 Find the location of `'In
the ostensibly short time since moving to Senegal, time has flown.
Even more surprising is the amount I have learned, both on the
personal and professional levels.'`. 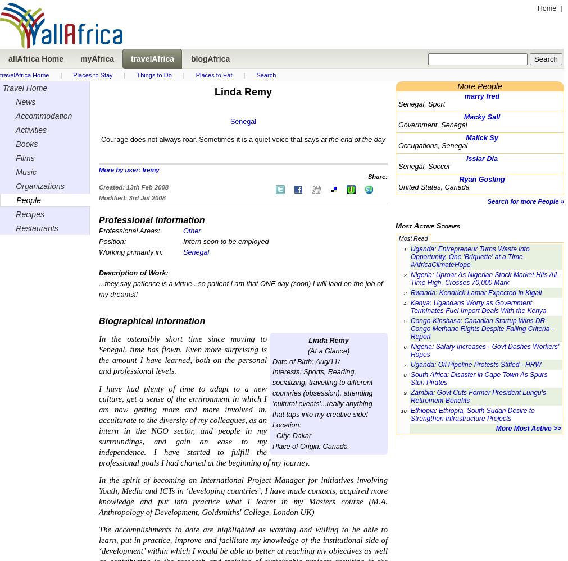

'In
the ostensibly short time since moving to Senegal, time has flown.
Even more surprising is the amount I have learned, both on the
personal and professional levels.' is located at coordinates (99, 355).